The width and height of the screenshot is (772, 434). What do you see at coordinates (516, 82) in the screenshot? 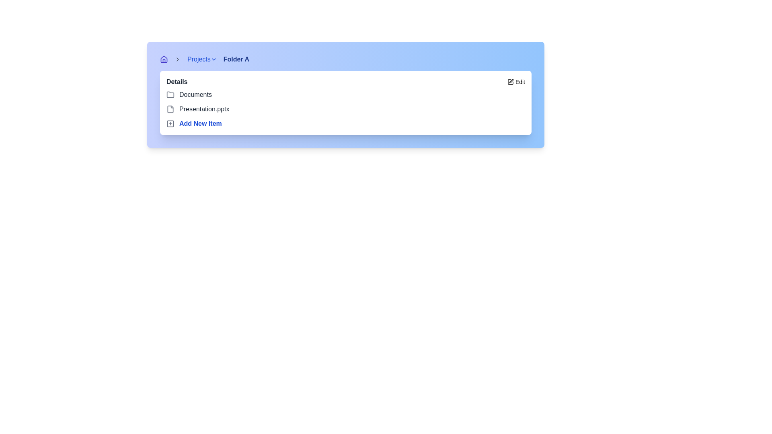
I see `the 'Edit' button with a pen square icon located at the upper-right corner of the 'Details' section` at bounding box center [516, 82].